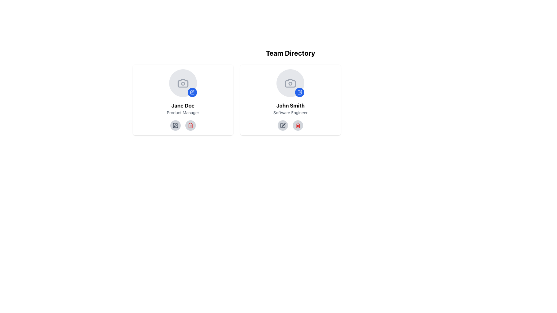 This screenshot has width=557, height=313. Describe the element at coordinates (283, 125) in the screenshot. I see `the edit profile button for 'John Smith', which is the first button in a horizontal group below his profile card` at that location.